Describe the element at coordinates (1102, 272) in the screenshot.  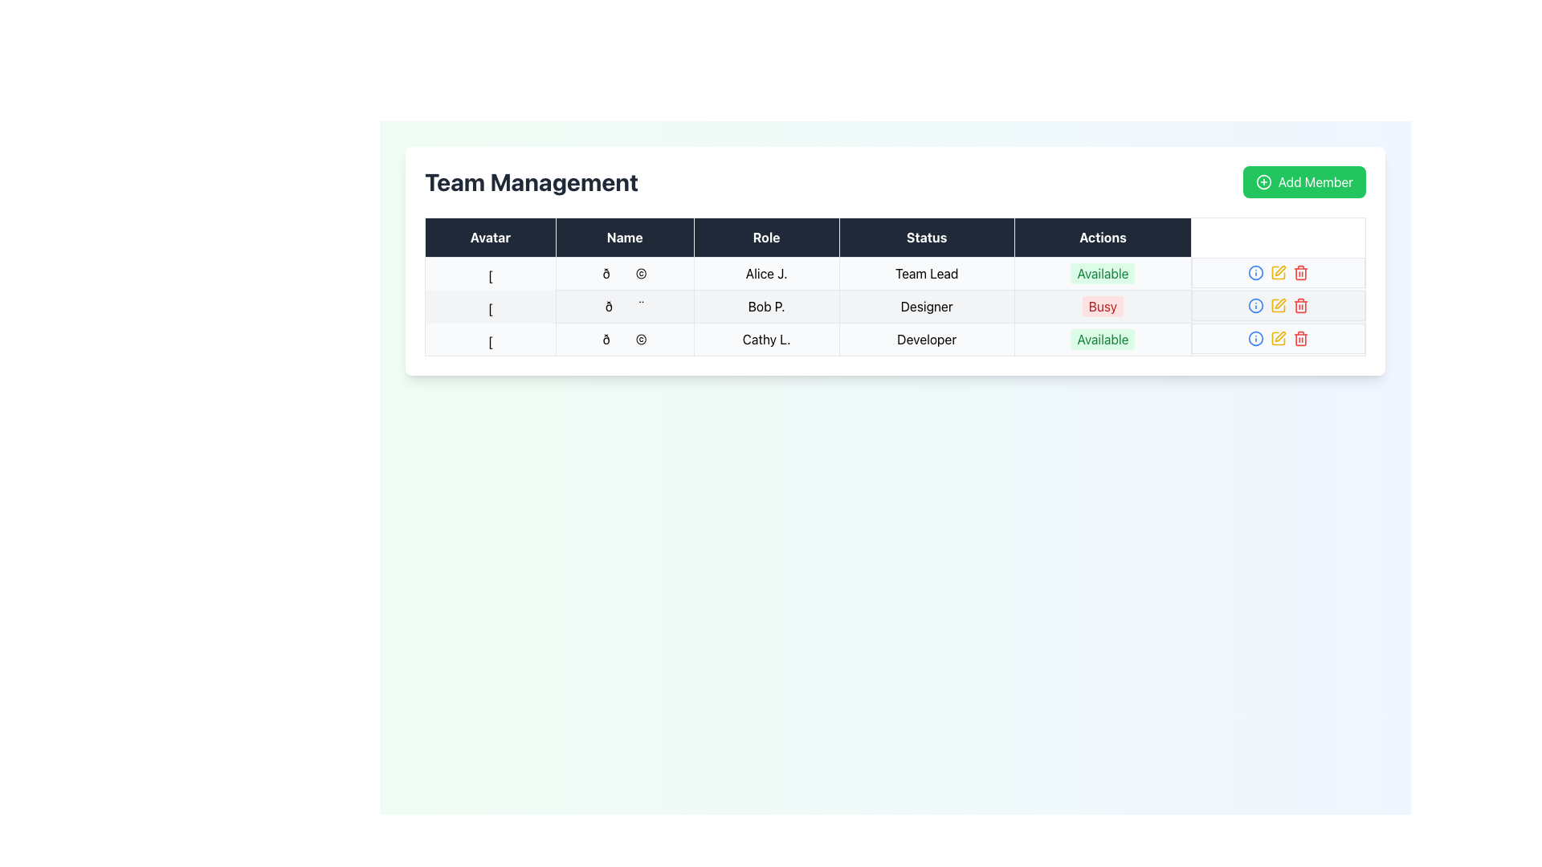
I see `the text label displaying 'Available' inside a green box, located in the 'Actions' column of the first row for 'Alice J.' under the 'Team Lead' role` at that location.